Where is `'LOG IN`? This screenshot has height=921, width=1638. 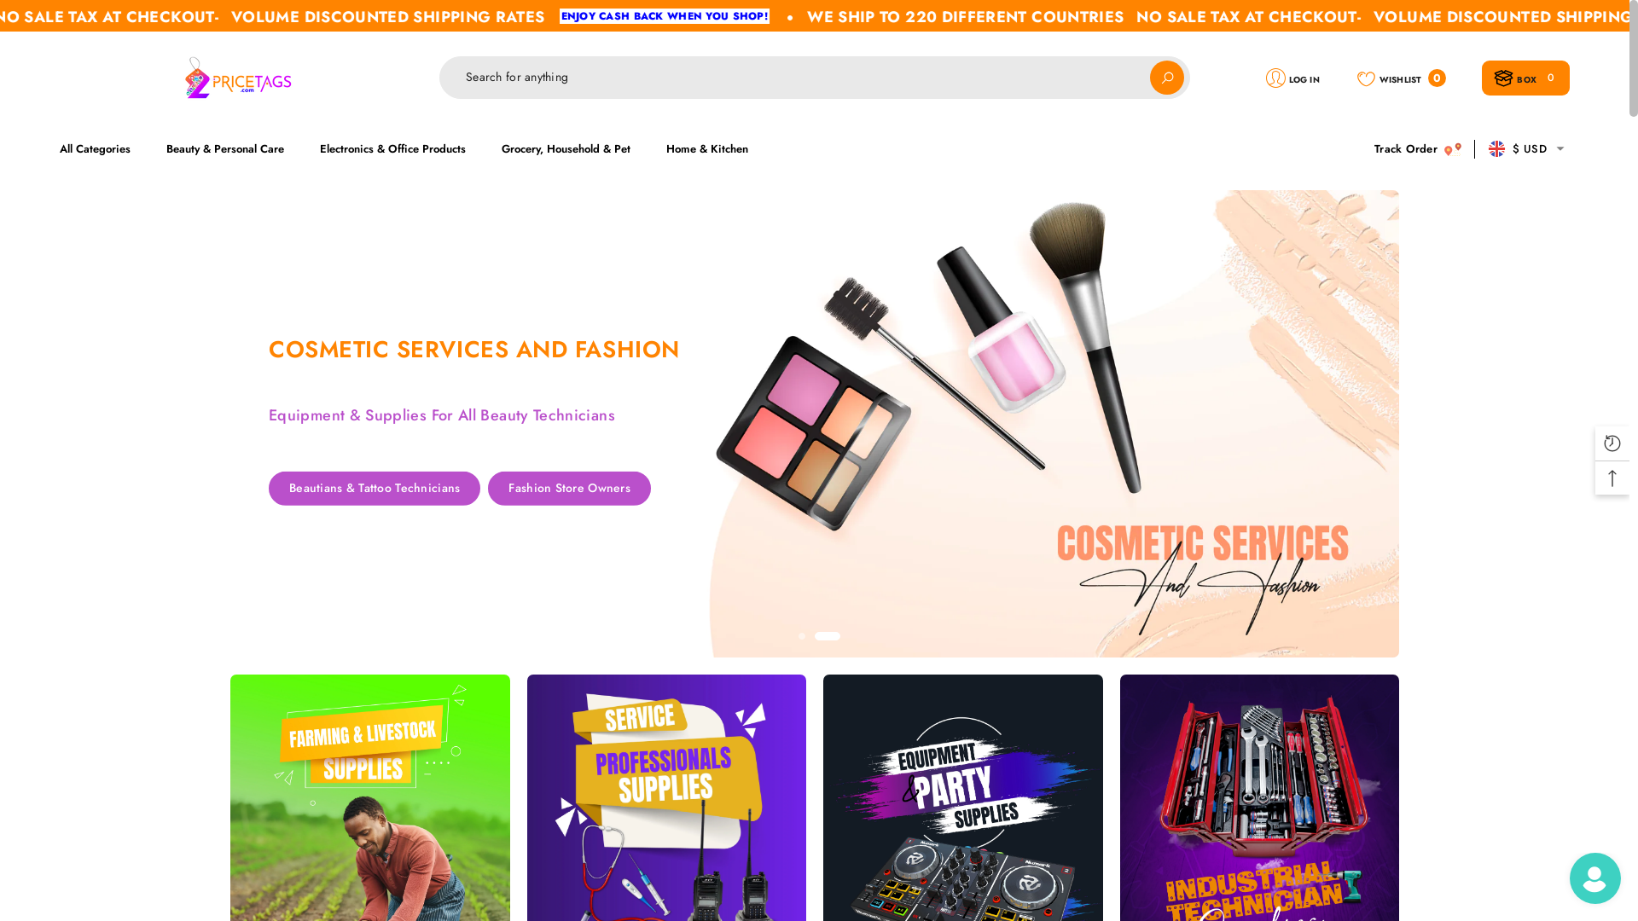
'LOG IN is located at coordinates (1292, 77).